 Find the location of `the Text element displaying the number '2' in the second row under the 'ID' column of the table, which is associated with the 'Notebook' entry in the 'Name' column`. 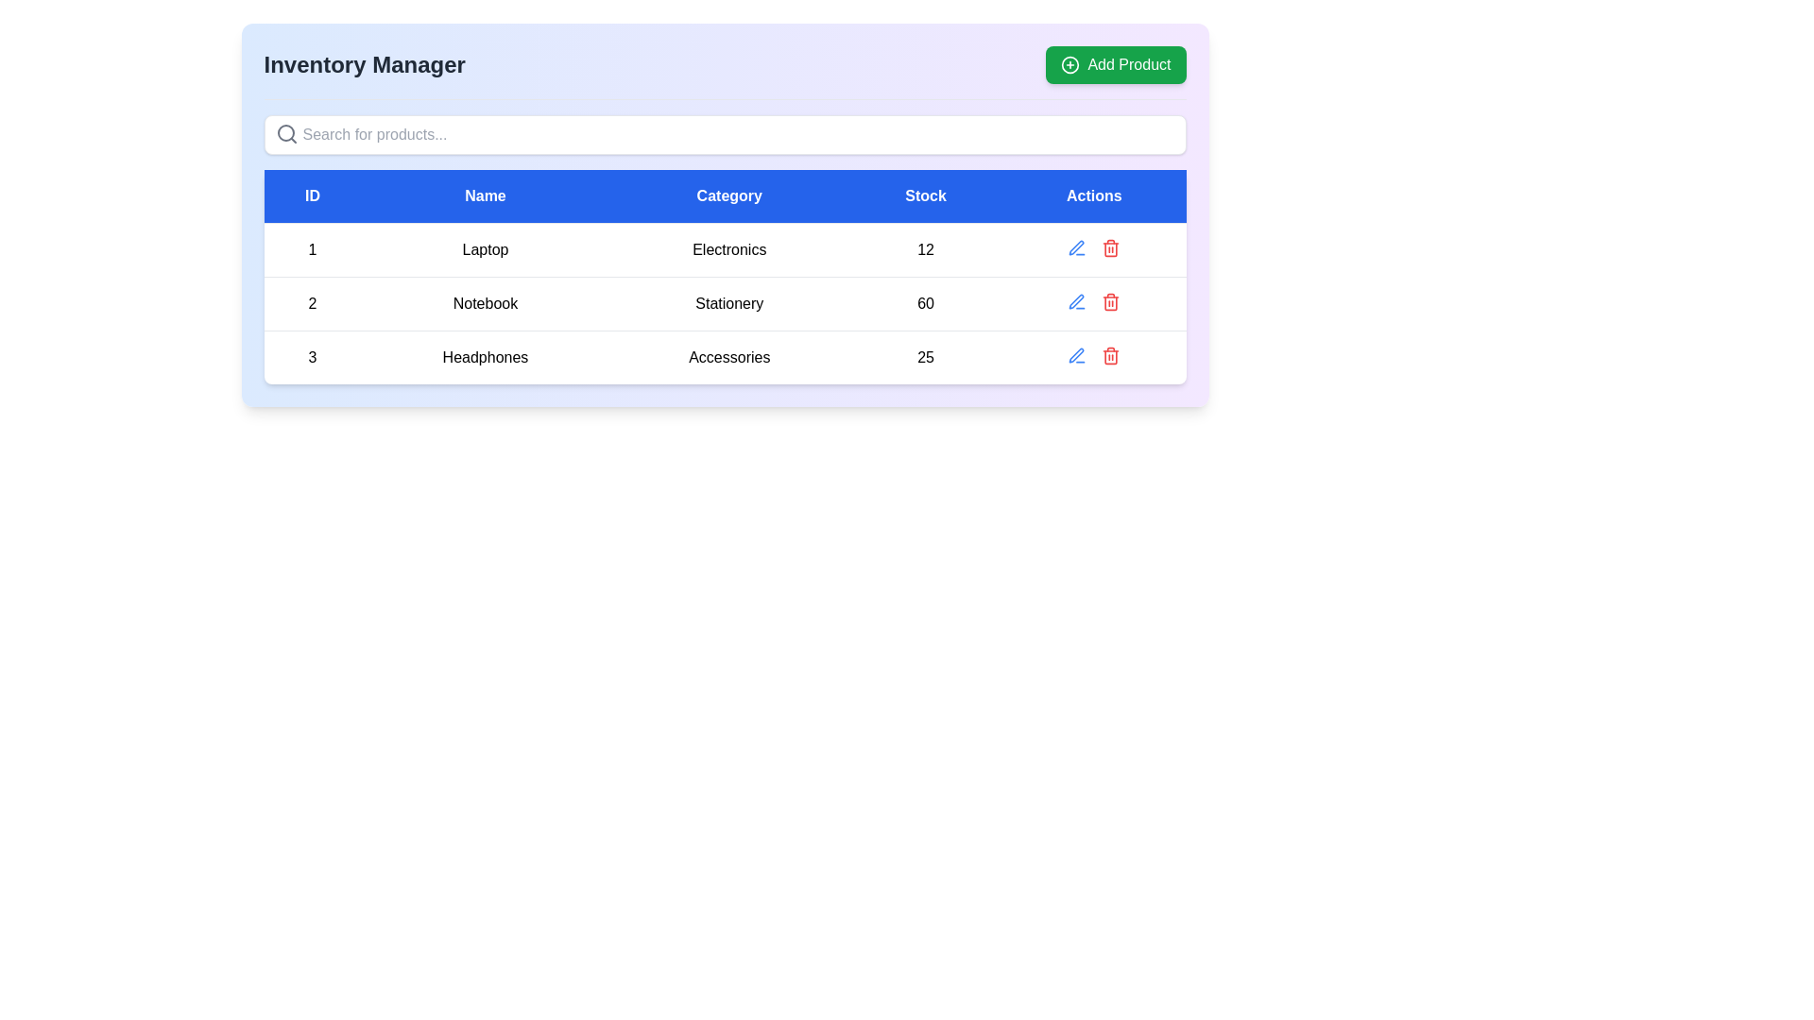

the Text element displaying the number '2' in the second row under the 'ID' column of the table, which is associated with the 'Notebook' entry in the 'Name' column is located at coordinates (313, 302).